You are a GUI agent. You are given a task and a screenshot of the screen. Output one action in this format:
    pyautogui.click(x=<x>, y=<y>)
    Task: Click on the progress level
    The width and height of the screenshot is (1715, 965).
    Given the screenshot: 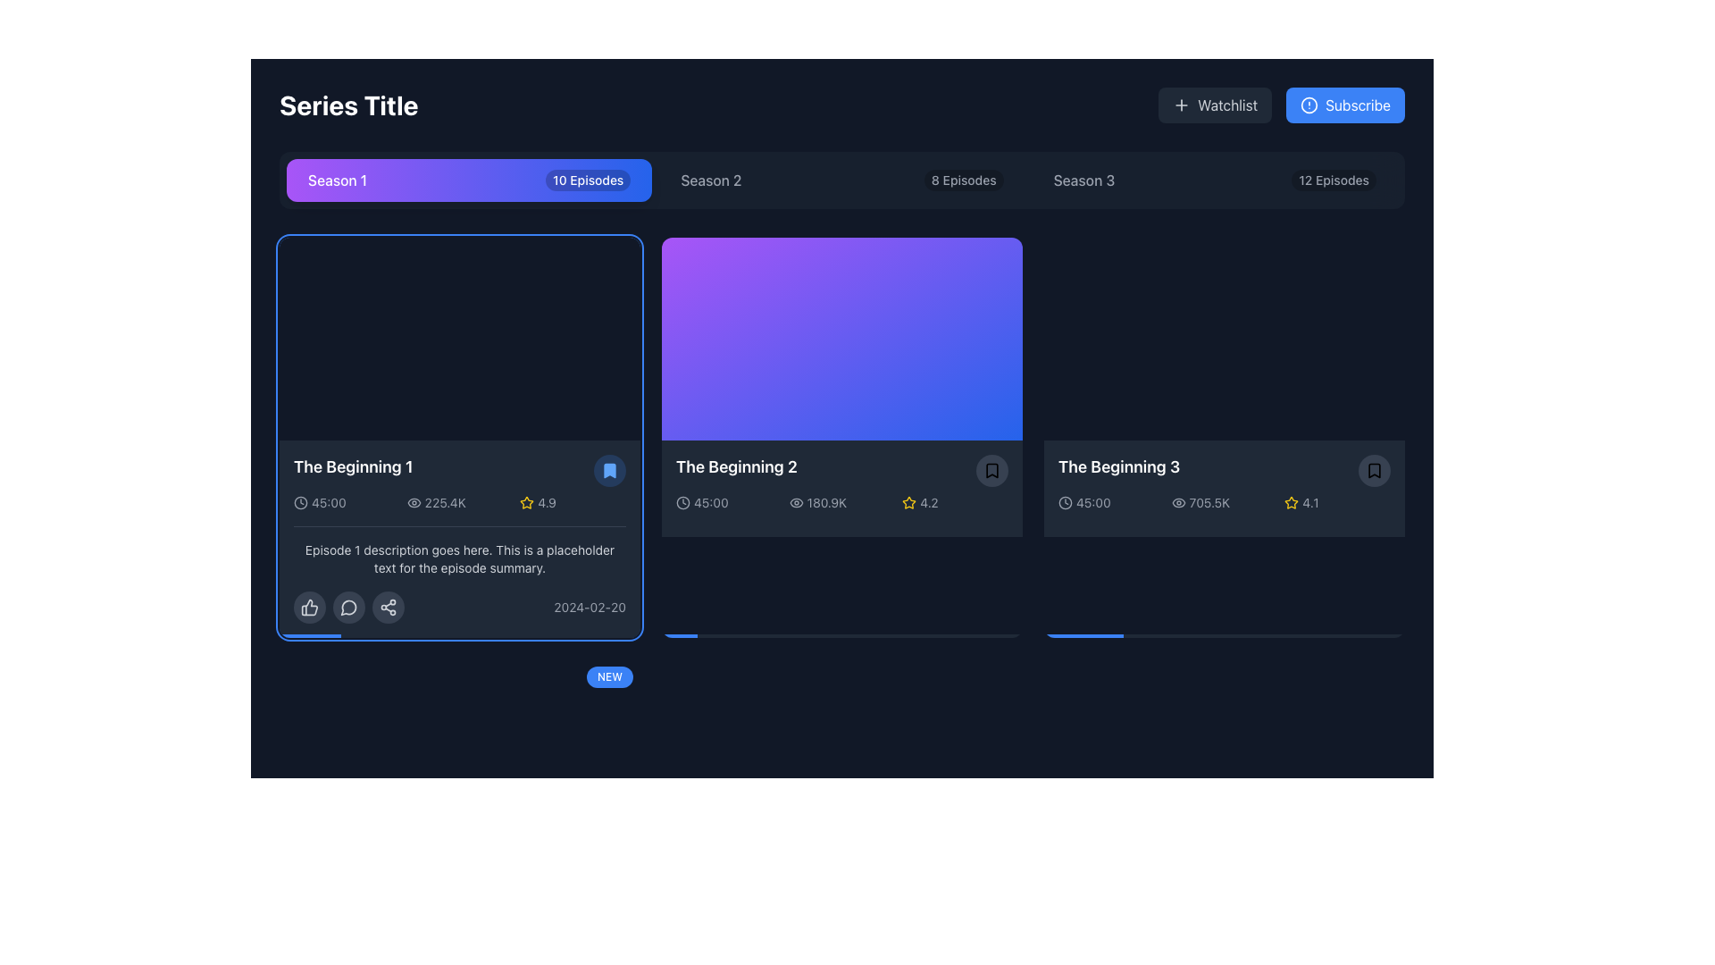 What is the action you would take?
    pyautogui.click(x=1141, y=635)
    